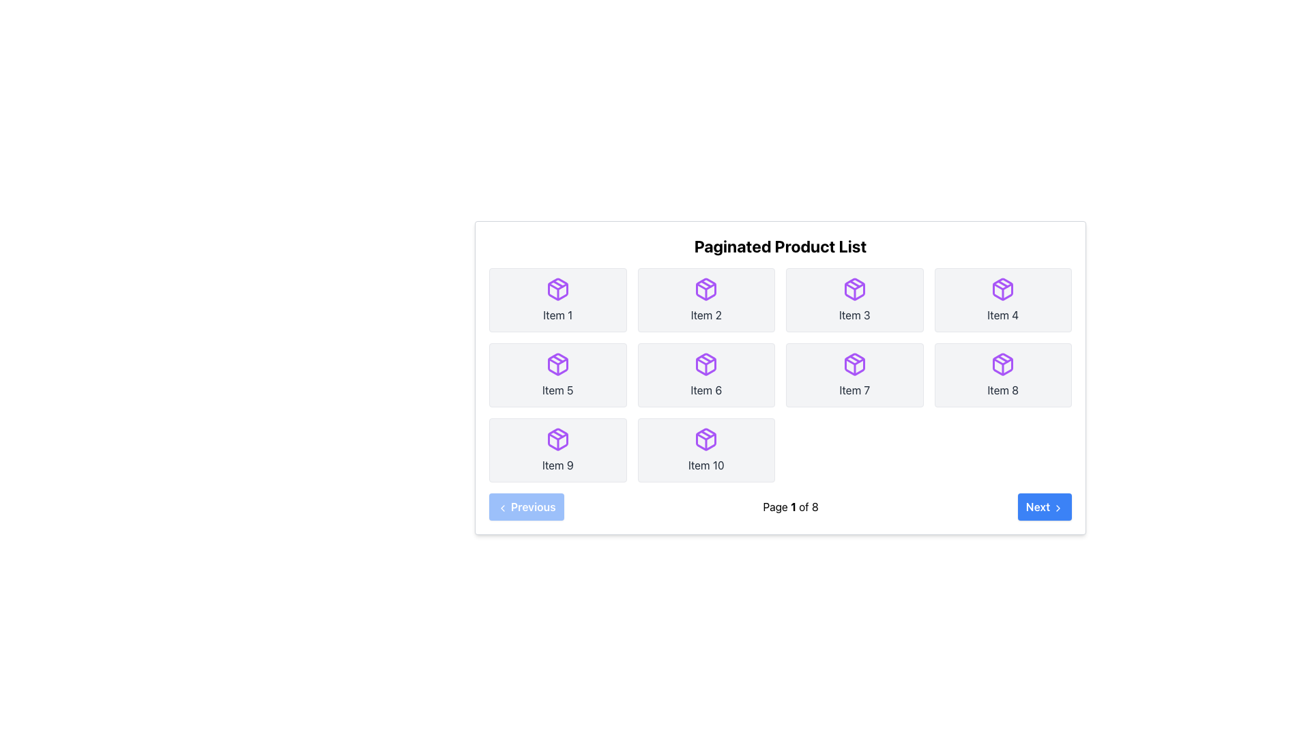 This screenshot has height=737, width=1310. I want to click on the purple, box-like 3D package icon located in the second row and first column of the grid under the label 'Item 5', so click(557, 363).